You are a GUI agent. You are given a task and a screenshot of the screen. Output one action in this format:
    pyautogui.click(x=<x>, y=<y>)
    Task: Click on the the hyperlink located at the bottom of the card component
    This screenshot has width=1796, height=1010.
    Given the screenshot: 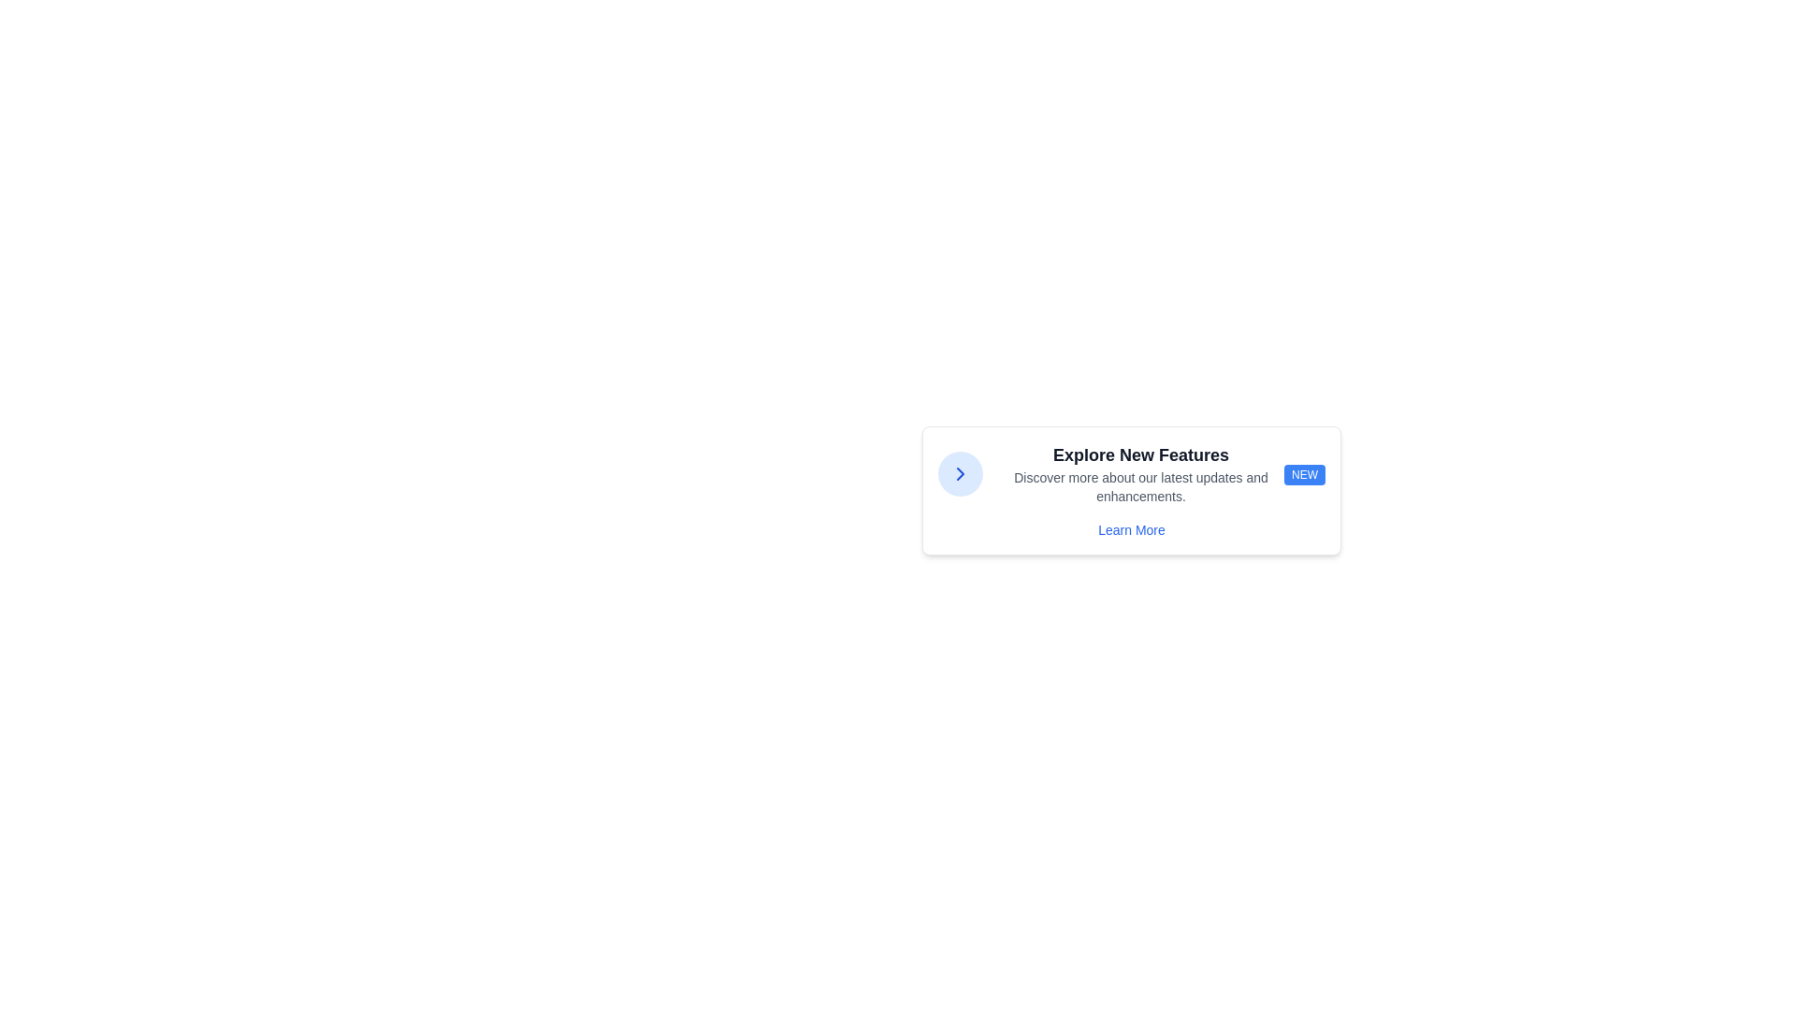 What is the action you would take?
    pyautogui.click(x=1130, y=530)
    